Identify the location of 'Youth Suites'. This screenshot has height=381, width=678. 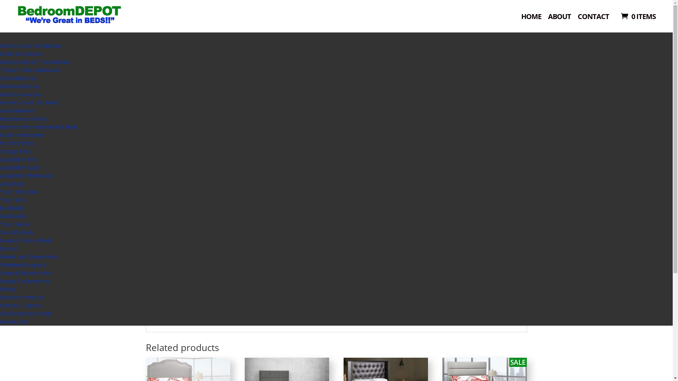
(15, 224).